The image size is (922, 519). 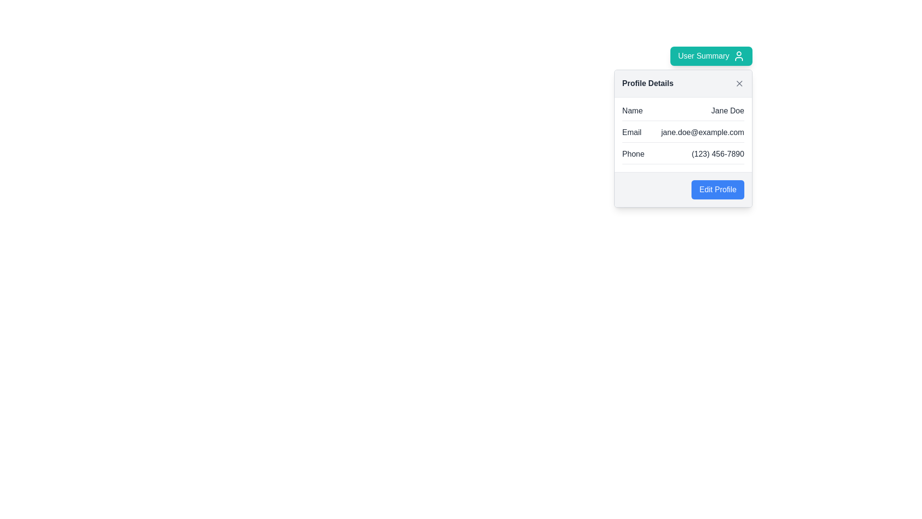 What do you see at coordinates (718, 153) in the screenshot?
I see `the text label displaying the phone number '(123) 456-7890', which is located within the profile summary section to the right of the label 'Phone'` at bounding box center [718, 153].